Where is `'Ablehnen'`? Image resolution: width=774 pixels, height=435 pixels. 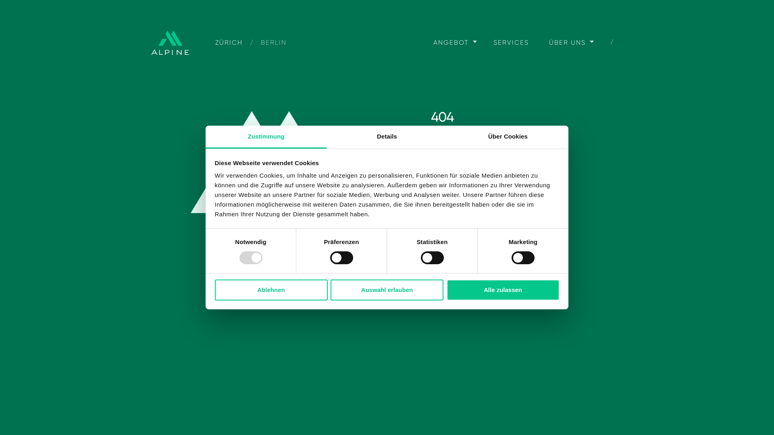 'Ablehnen' is located at coordinates (271, 289).